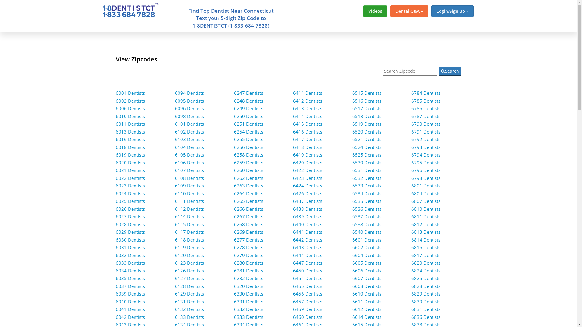 Image resolution: width=582 pixels, height=327 pixels. Describe the element at coordinates (307, 131) in the screenshot. I see `'6416 Dentists'` at that location.